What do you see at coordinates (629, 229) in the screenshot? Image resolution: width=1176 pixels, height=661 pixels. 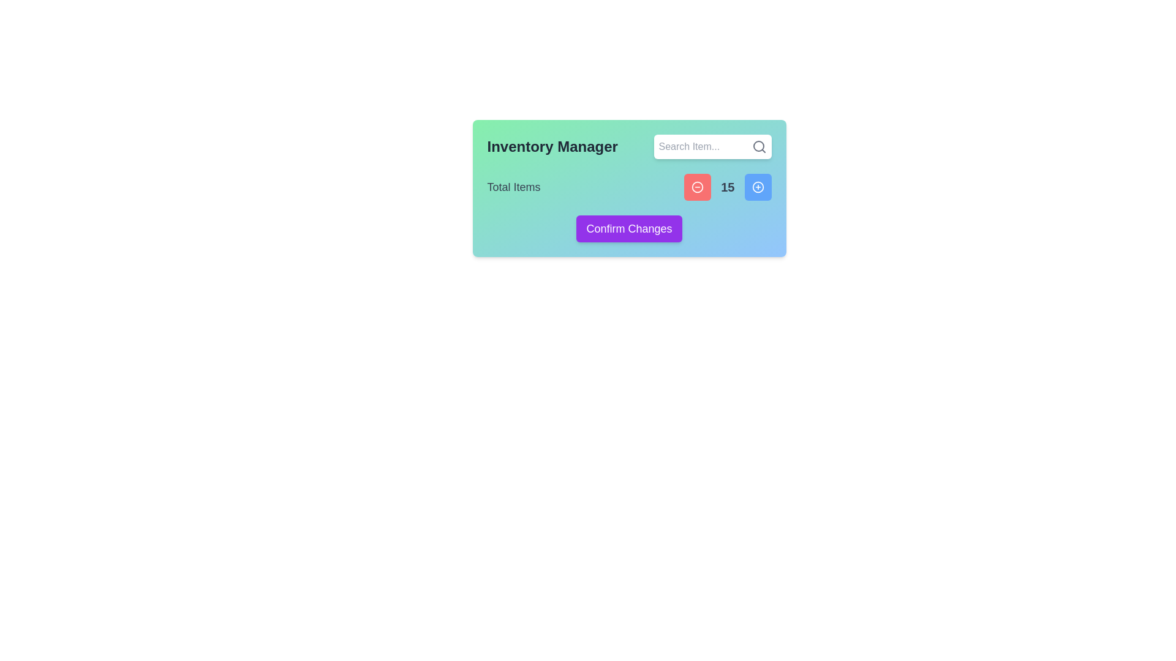 I see `the confirm changes button located in the 'Inventory Manager' panel` at bounding box center [629, 229].